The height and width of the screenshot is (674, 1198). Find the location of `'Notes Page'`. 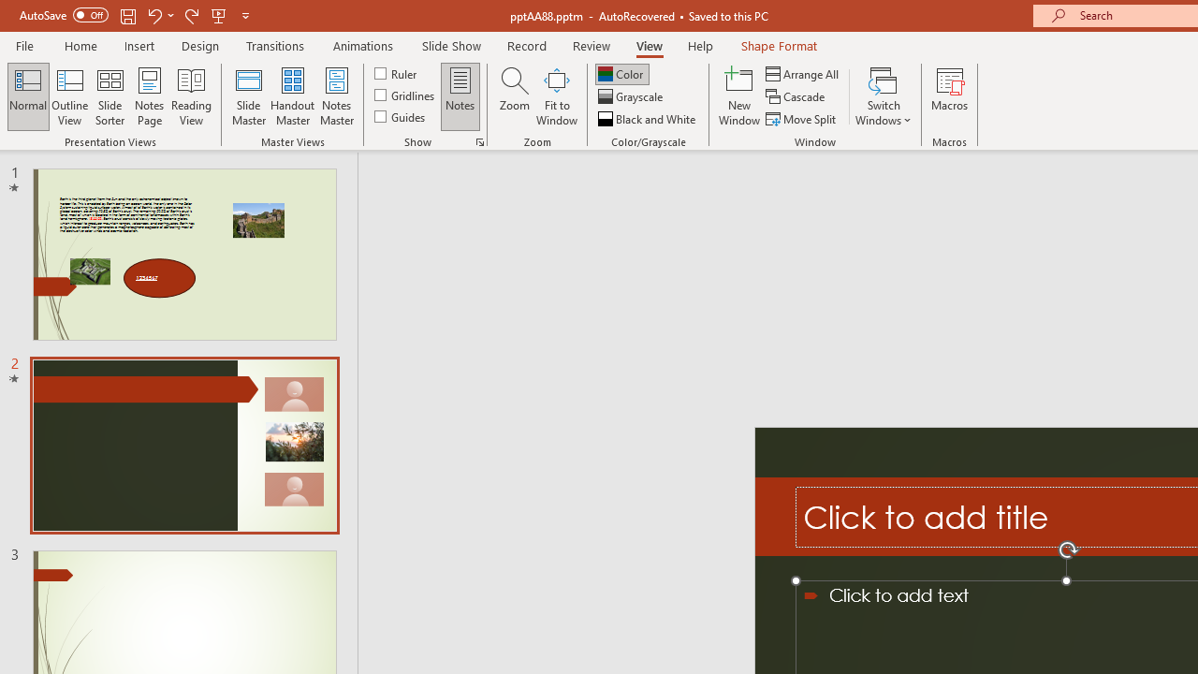

'Notes Page' is located at coordinates (150, 96).